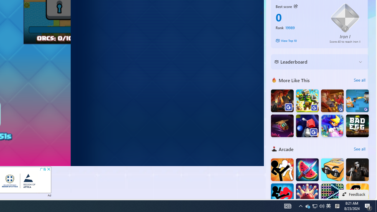 This screenshot has width=377, height=212. What do you see at coordinates (274, 149) in the screenshot?
I see `'Arcade'` at bounding box center [274, 149].